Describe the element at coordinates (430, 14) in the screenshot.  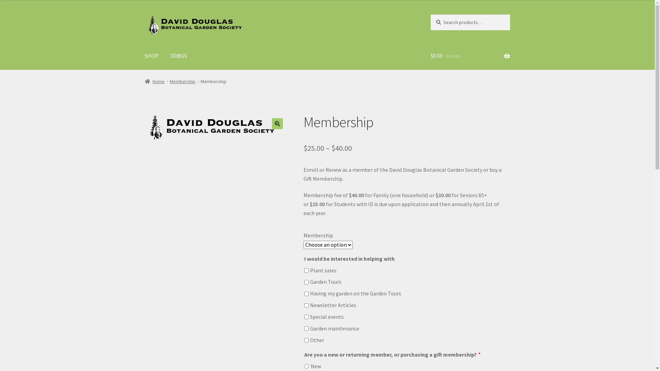
I see `'Search'` at that location.